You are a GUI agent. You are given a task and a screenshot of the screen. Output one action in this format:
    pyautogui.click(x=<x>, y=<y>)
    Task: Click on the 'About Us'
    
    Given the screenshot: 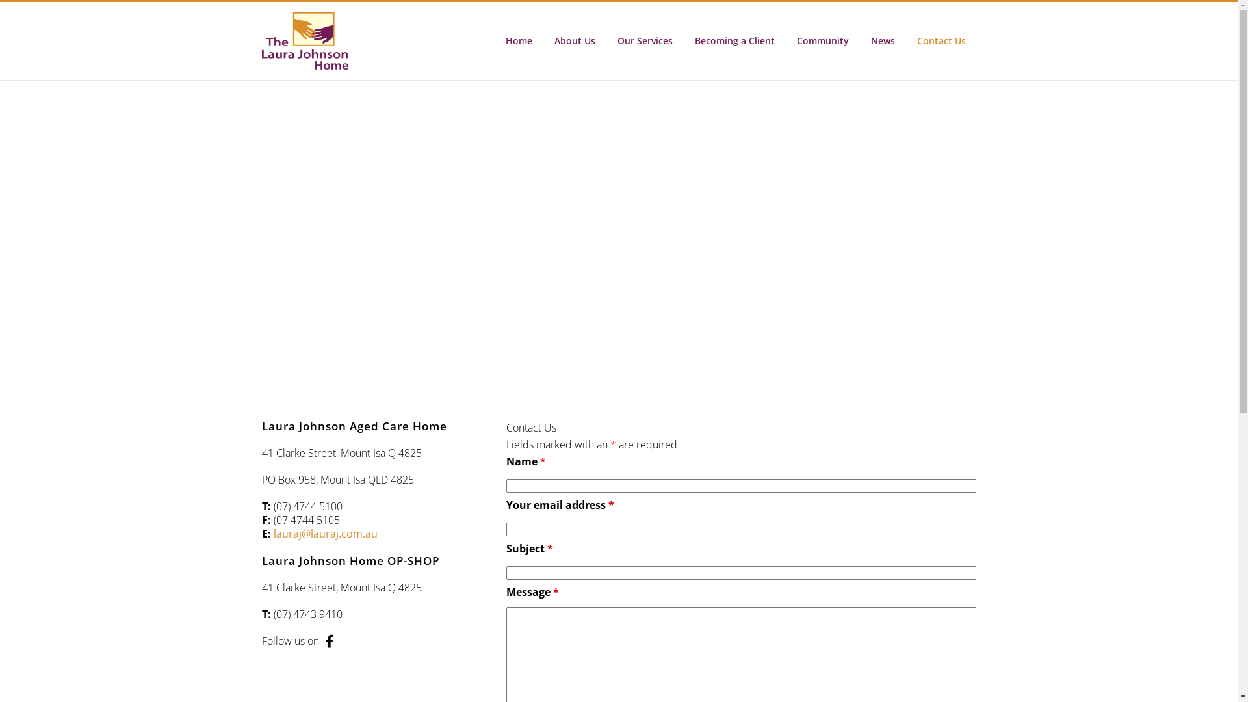 What is the action you would take?
    pyautogui.click(x=712, y=435)
    